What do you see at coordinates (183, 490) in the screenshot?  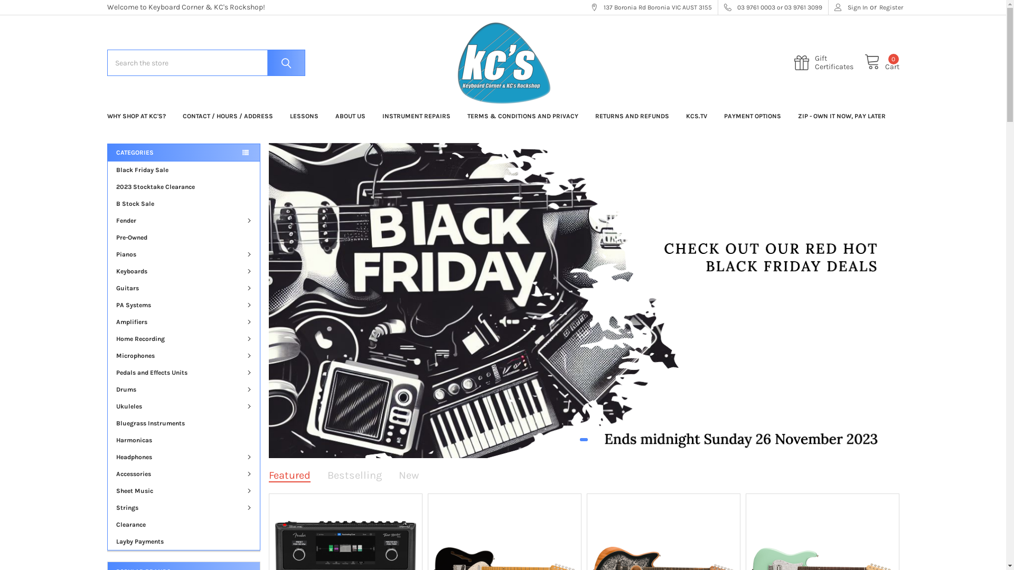 I see `'Sheet Music'` at bounding box center [183, 490].